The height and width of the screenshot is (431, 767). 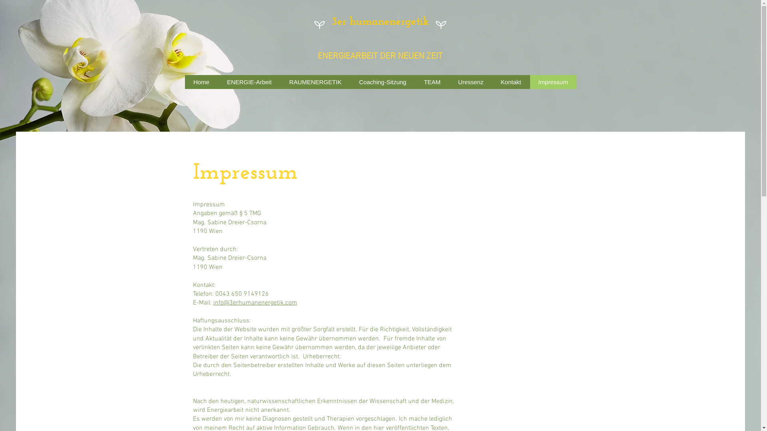 I want to click on 'Home', so click(x=201, y=82).